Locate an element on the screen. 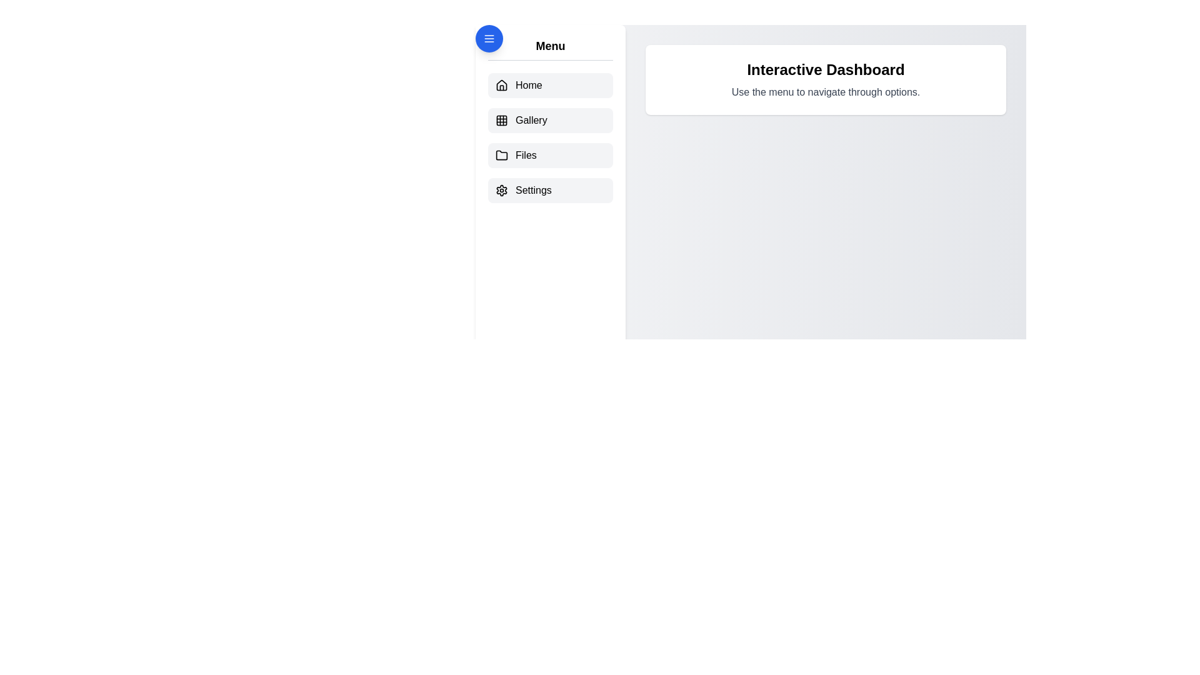  the menu item labeled Settings is located at coordinates (550, 190).